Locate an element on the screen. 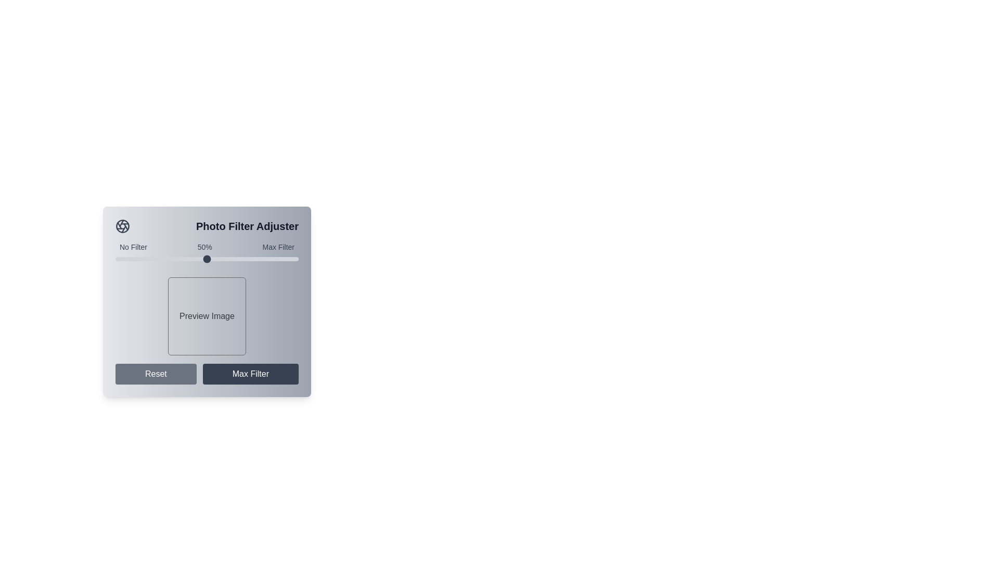  the static text label displaying 'No Filter', '50%', and 'Max Filter', which is located above the slider component in the 'Photo Filter Adjuster' section is located at coordinates (207, 247).